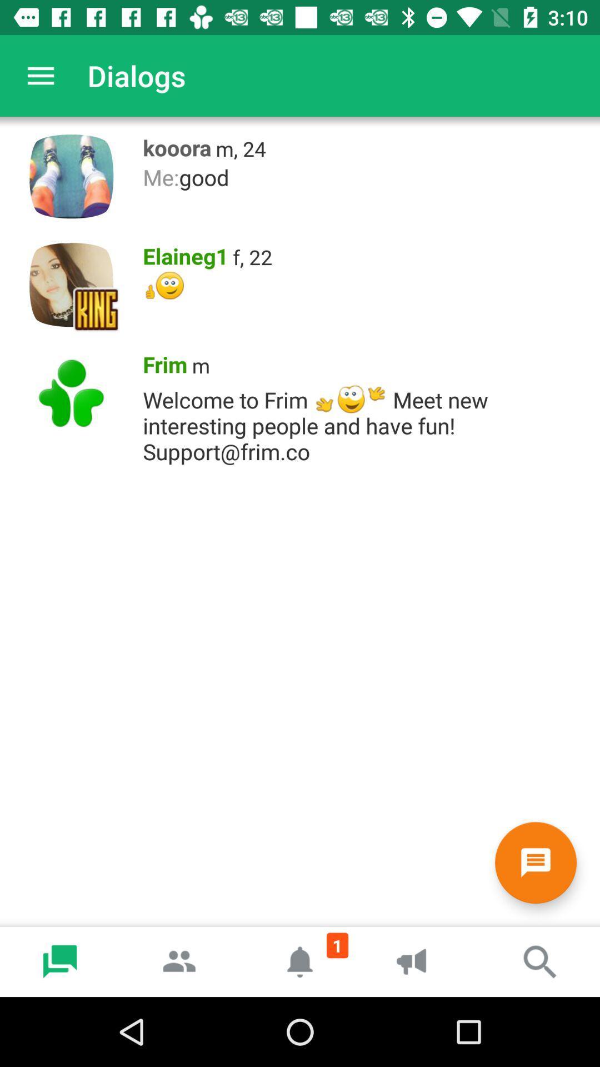 This screenshot has width=600, height=1067. I want to click on the item above *t* item, so click(252, 256).